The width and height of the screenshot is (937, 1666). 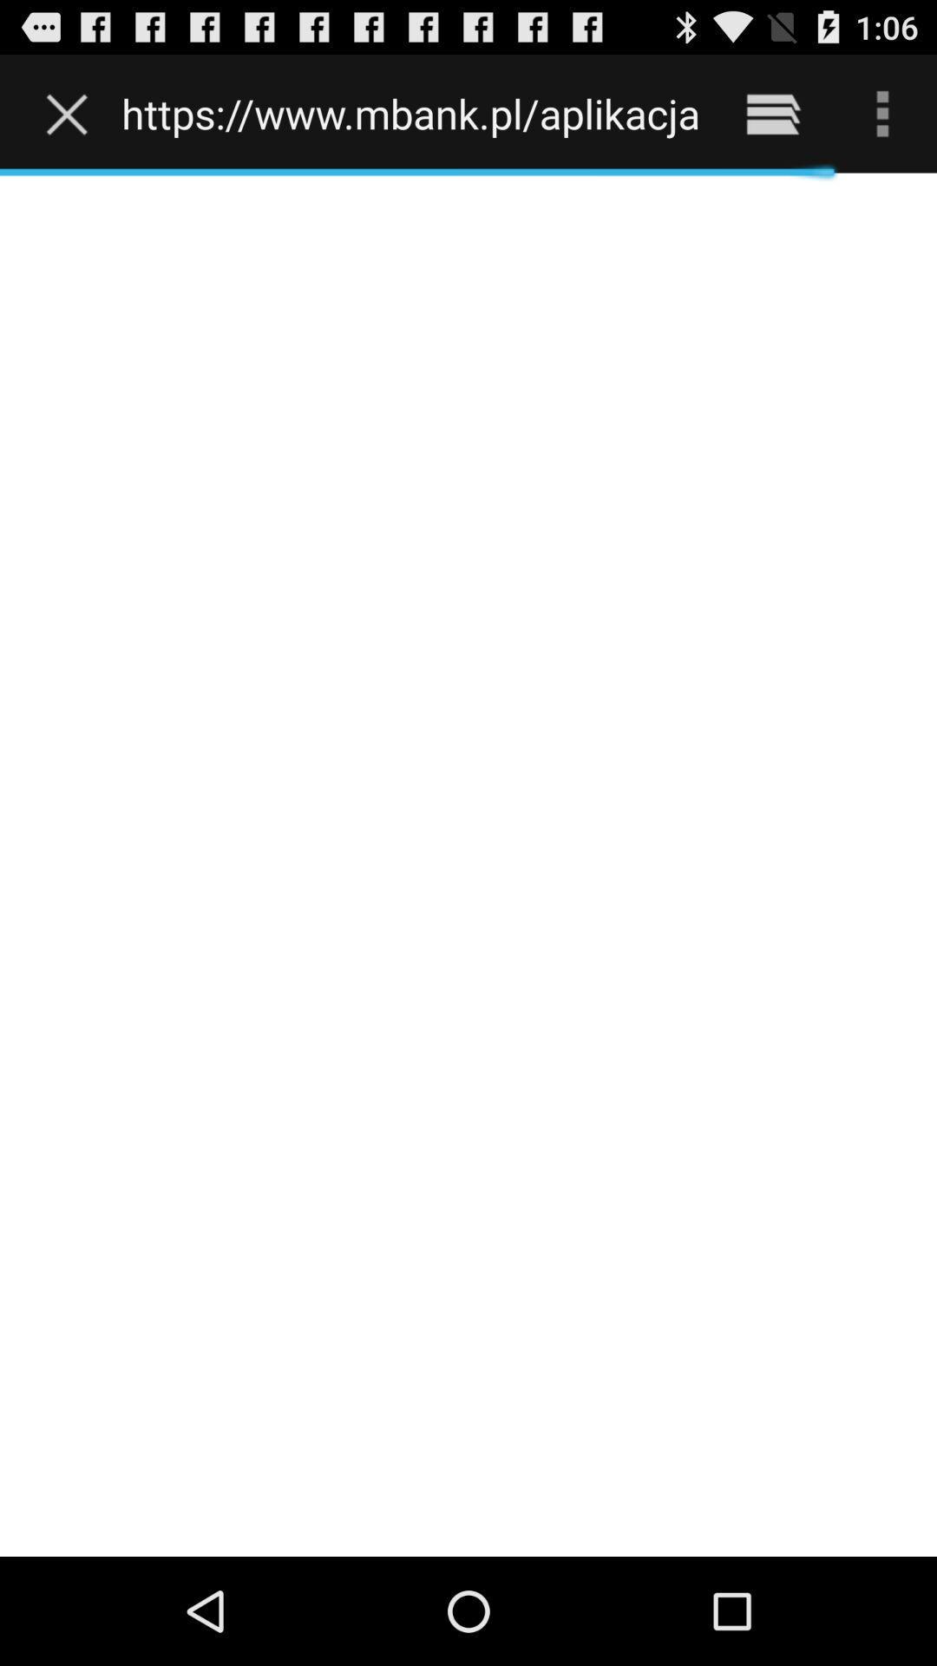 What do you see at coordinates (70, 113) in the screenshot?
I see `icon to the left of https www mbank icon` at bounding box center [70, 113].